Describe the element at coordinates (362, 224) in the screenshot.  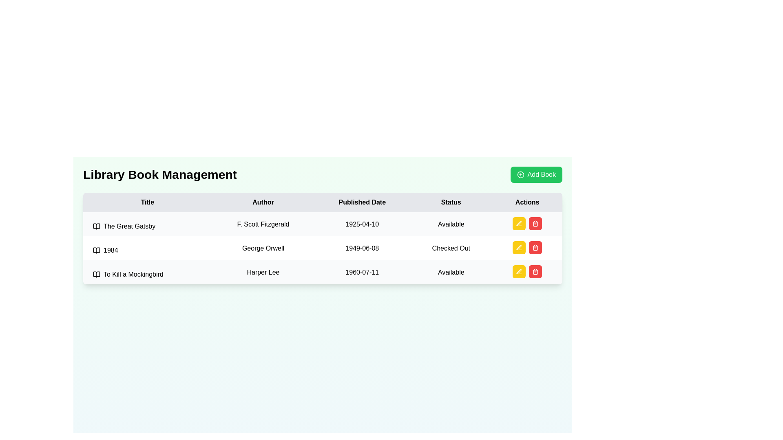
I see `the publication date text element for the book 'The Great Gatsby' located in the third column of the first data row in the table` at that location.